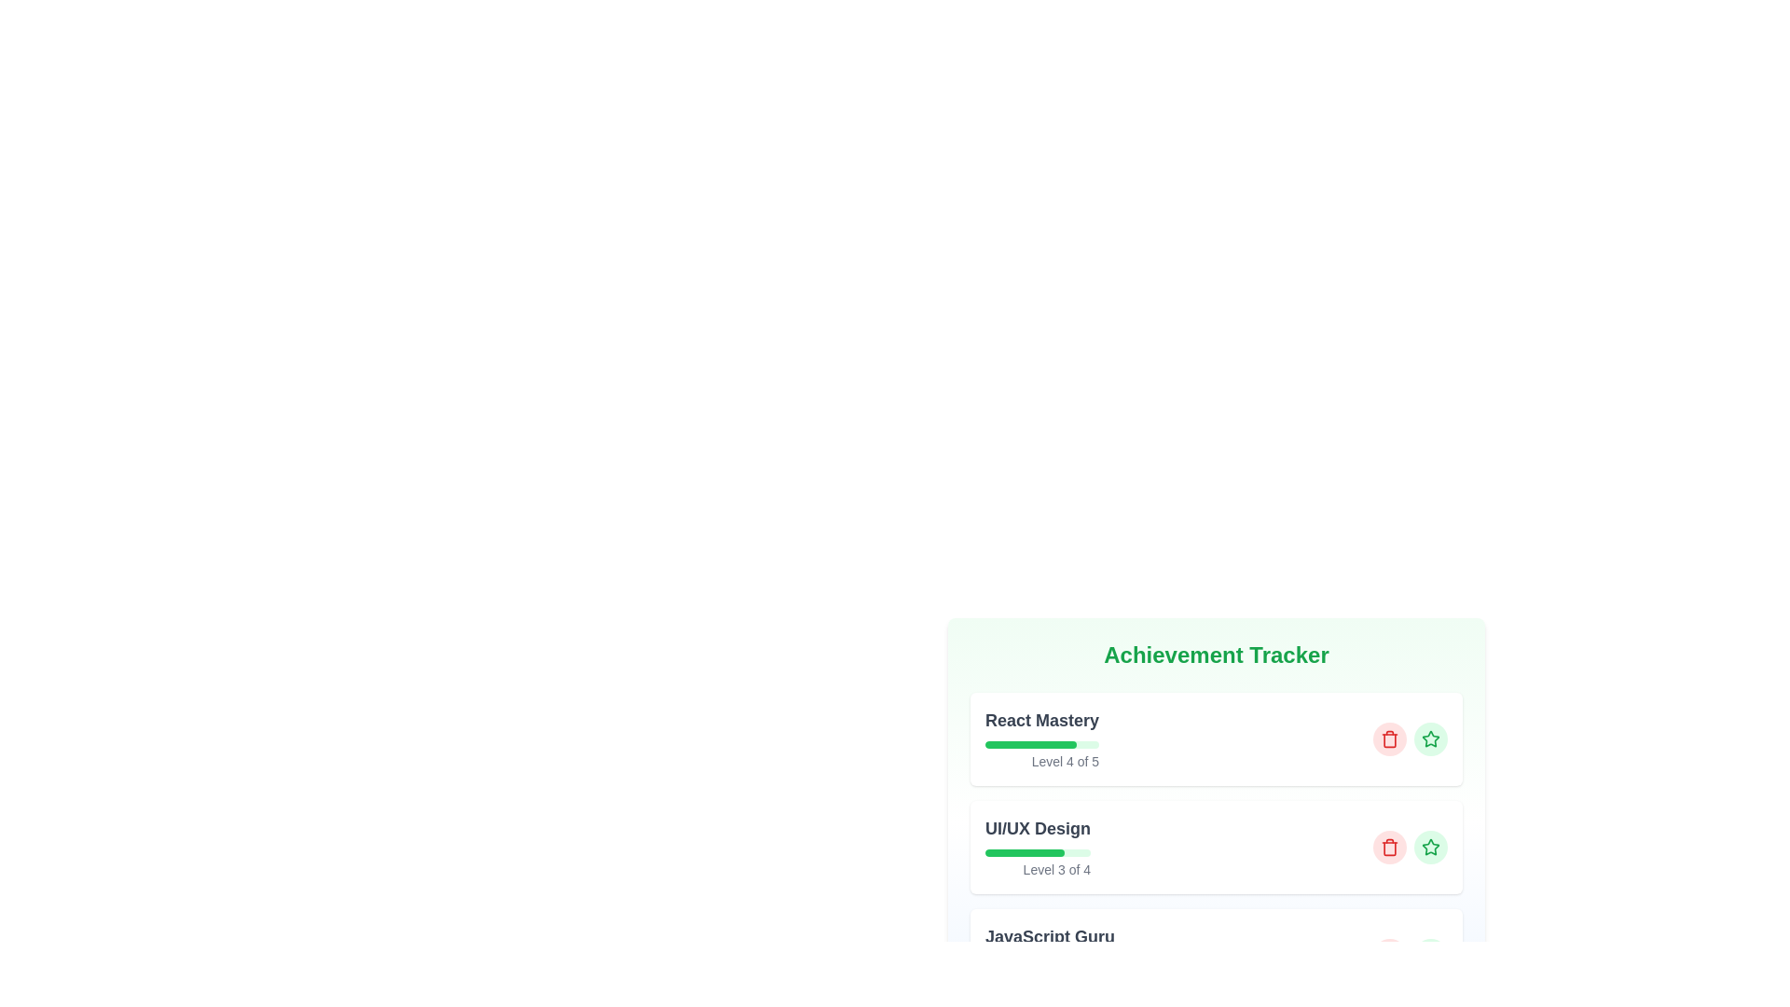  Describe the element at coordinates (1217, 738) in the screenshot. I see `the buttons within the 'React Mastery' informational card located in the 'Achievement Tracker' section` at that location.